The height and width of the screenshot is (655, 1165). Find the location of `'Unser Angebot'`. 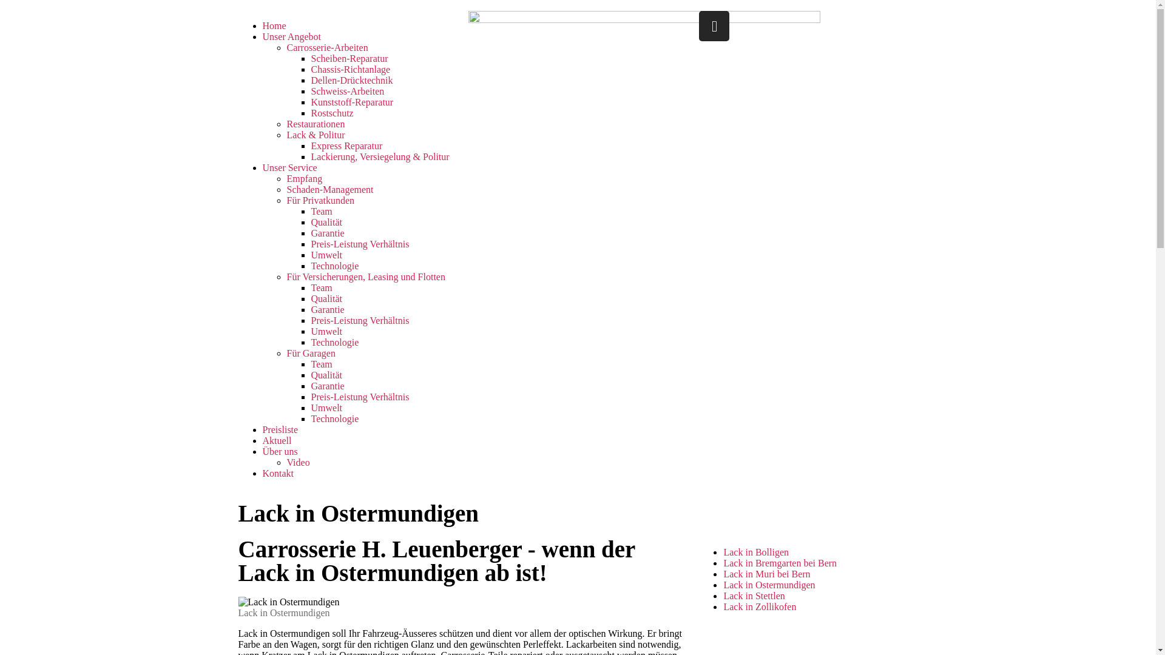

'Unser Angebot' is located at coordinates (262, 36).